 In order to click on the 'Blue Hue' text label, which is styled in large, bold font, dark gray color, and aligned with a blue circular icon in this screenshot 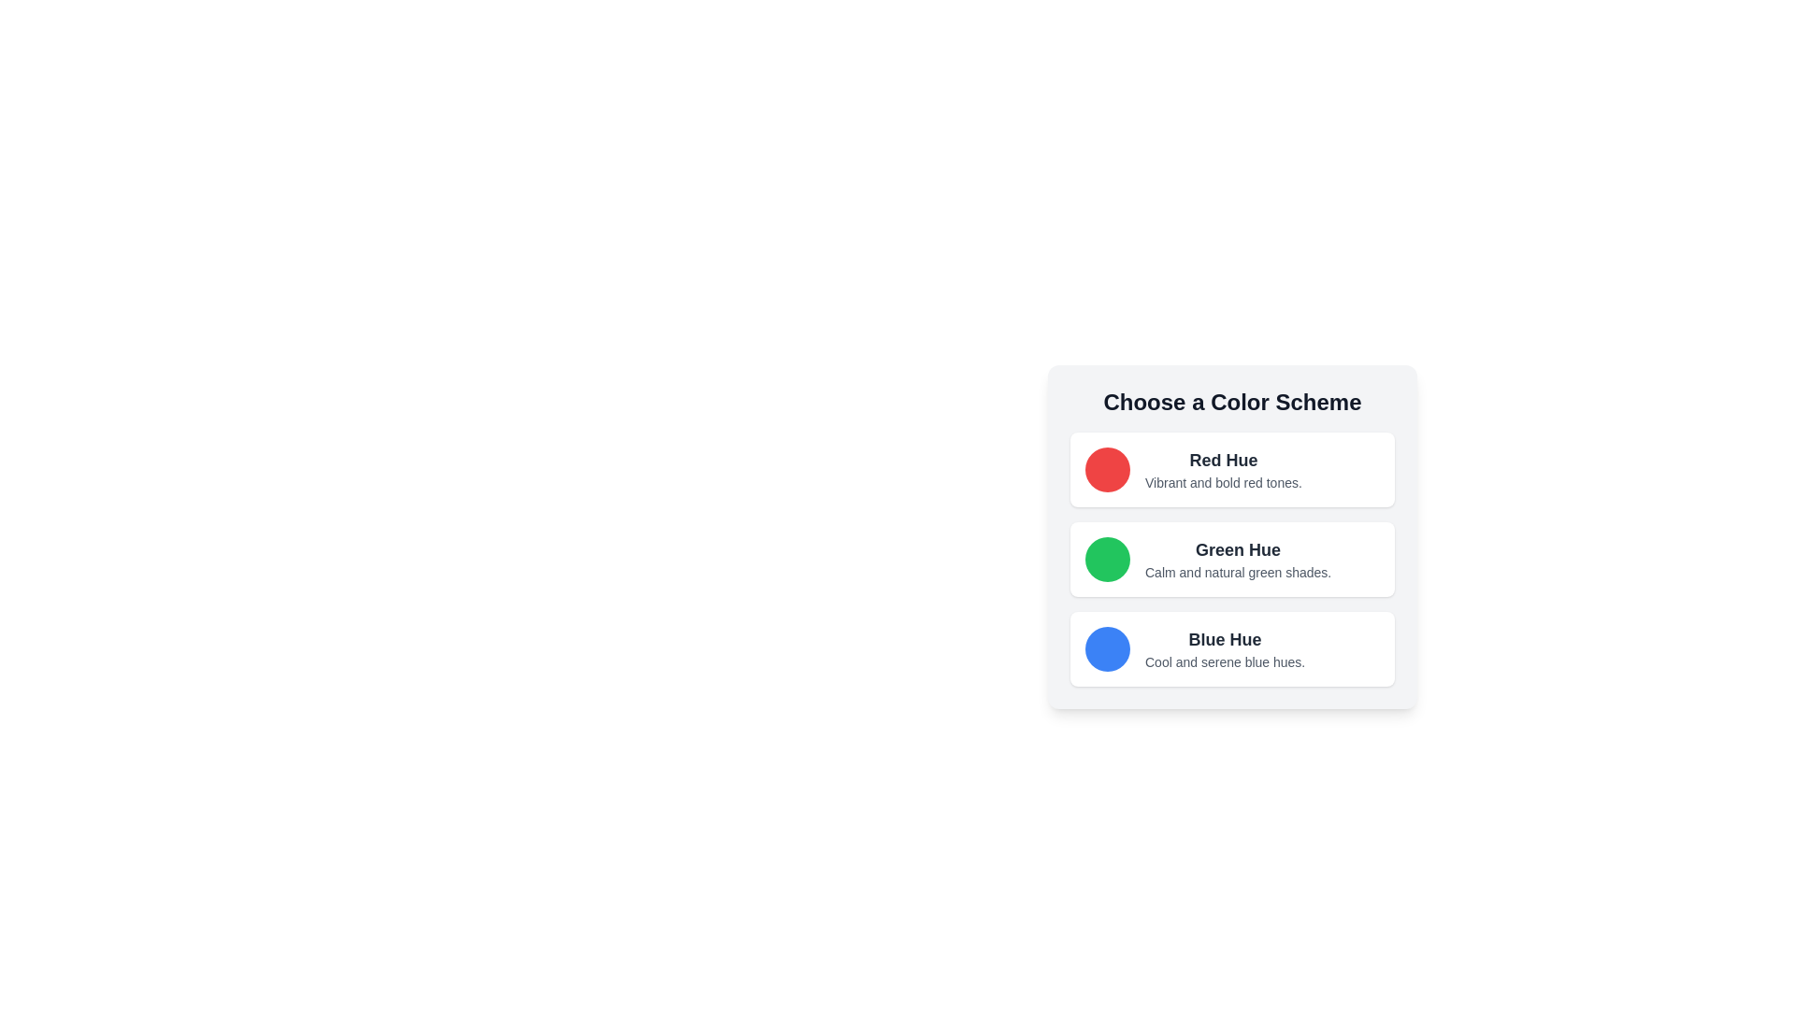, I will do `click(1225, 639)`.